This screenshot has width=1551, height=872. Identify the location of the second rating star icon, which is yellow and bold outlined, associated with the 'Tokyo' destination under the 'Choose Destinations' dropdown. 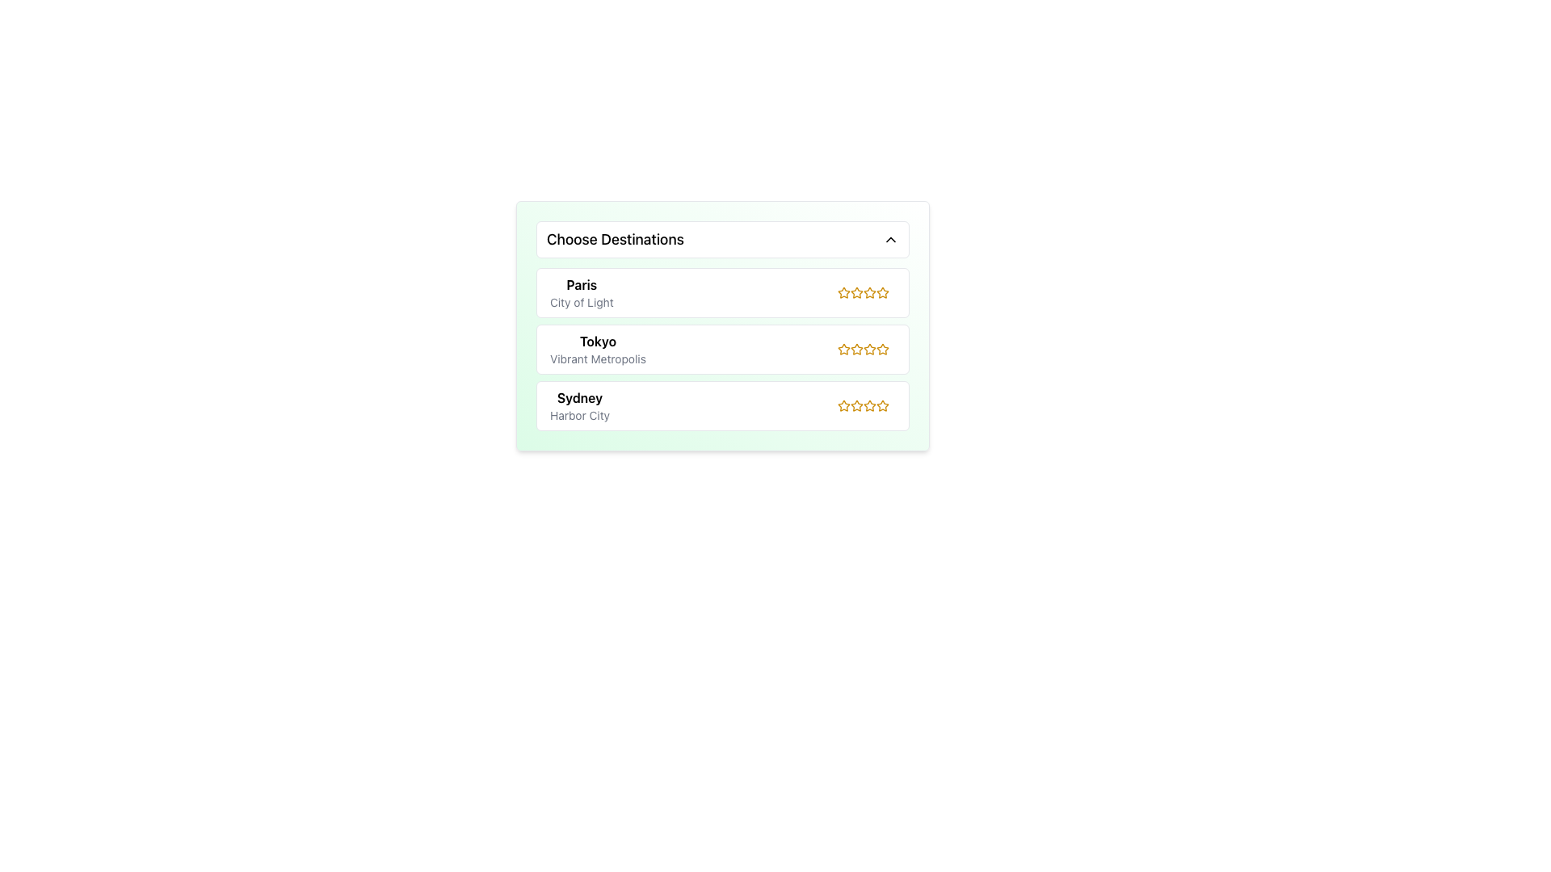
(855, 348).